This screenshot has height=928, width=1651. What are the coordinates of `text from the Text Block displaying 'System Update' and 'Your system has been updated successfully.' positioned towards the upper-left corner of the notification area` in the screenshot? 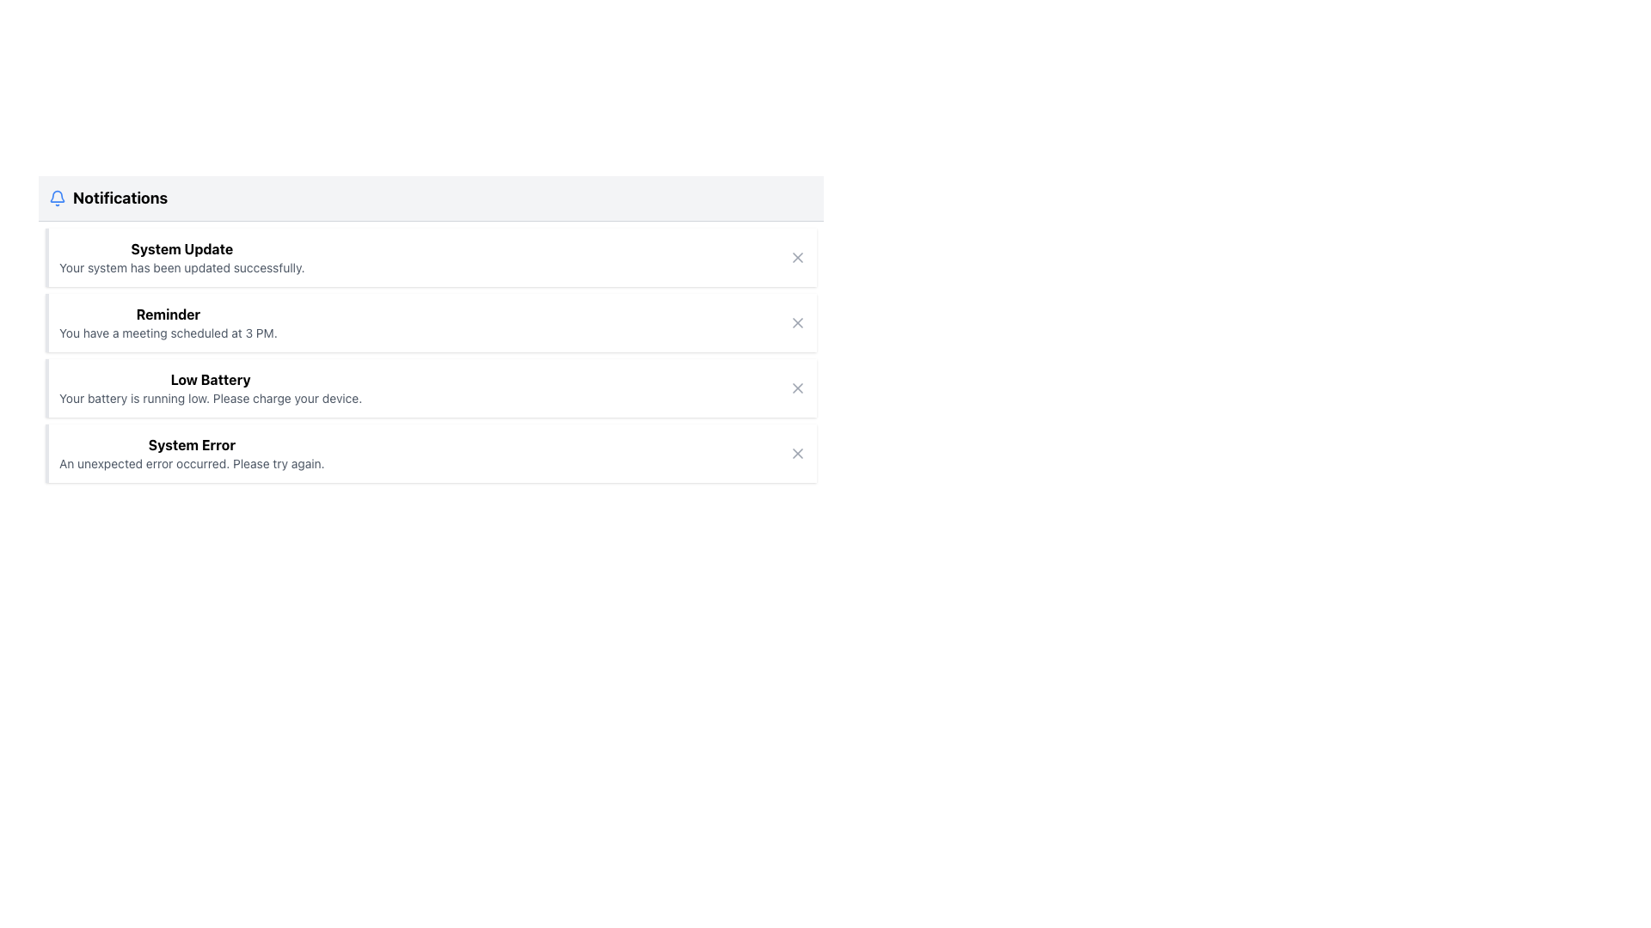 It's located at (181, 258).